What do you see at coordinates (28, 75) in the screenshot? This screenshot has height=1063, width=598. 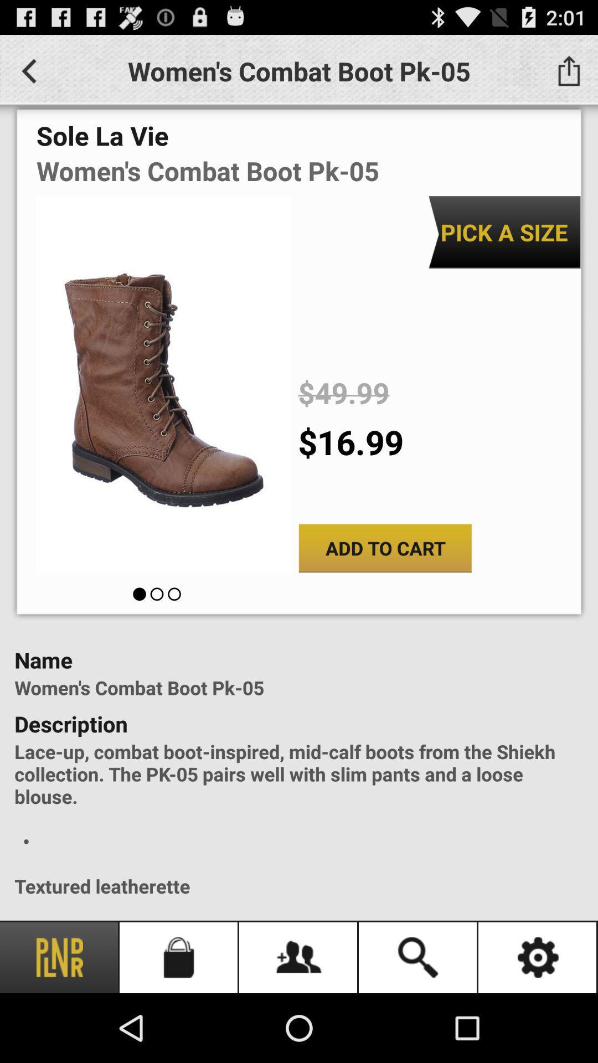 I see `the arrow_backward icon` at bounding box center [28, 75].